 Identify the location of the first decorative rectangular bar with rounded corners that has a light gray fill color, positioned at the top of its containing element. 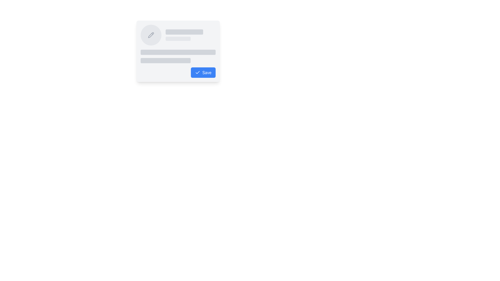
(178, 52).